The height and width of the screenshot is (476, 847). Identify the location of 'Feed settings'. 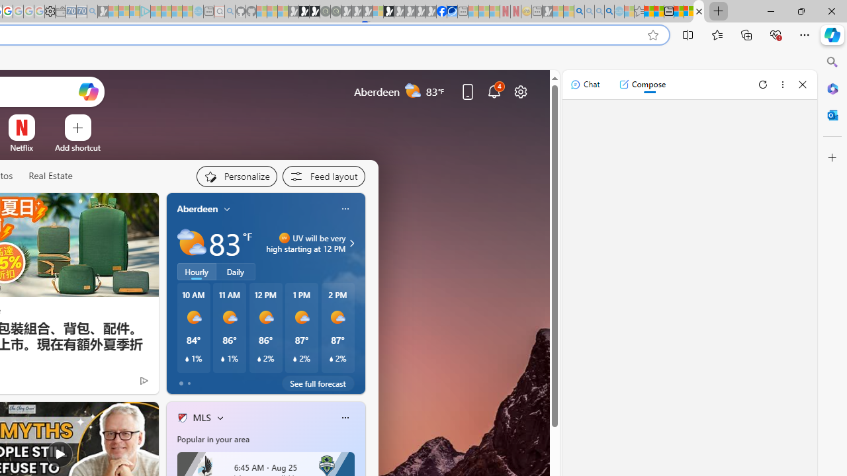
(323, 176).